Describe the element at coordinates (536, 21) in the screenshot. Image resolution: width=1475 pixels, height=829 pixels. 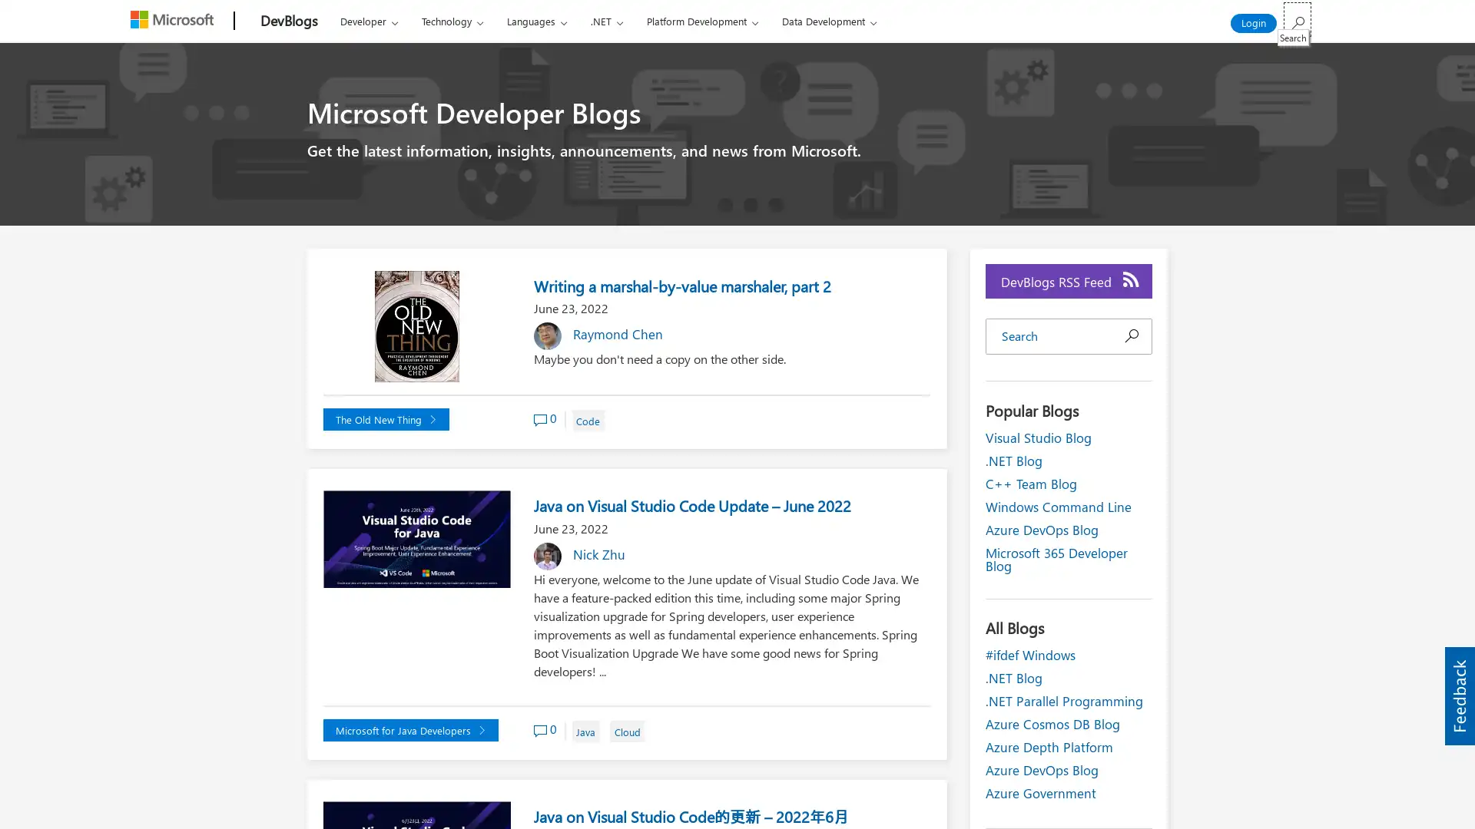
I see `Languages` at that location.